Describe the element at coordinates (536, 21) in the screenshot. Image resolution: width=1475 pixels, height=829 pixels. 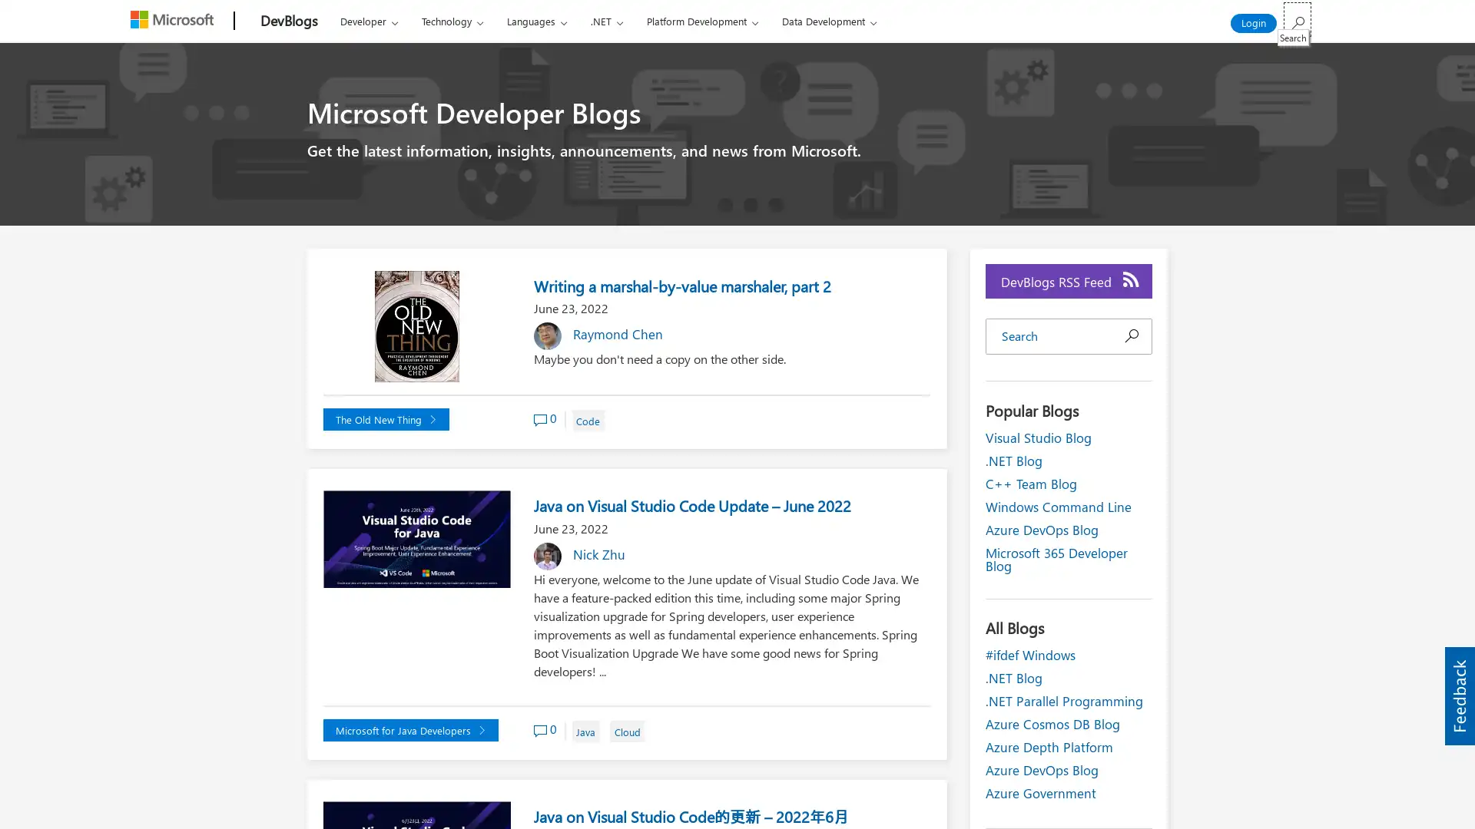
I see `Languages` at that location.